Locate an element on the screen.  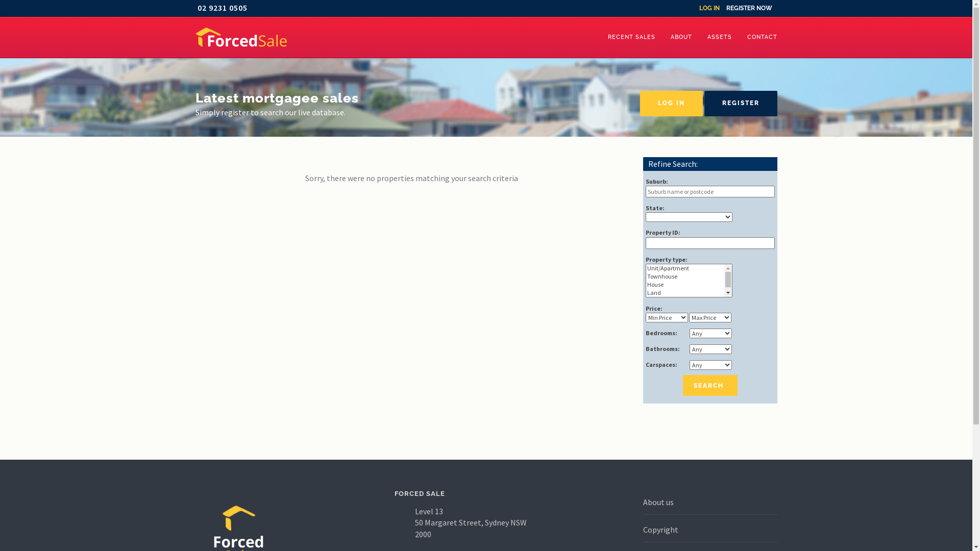
'LOG IN' is located at coordinates (671, 104).